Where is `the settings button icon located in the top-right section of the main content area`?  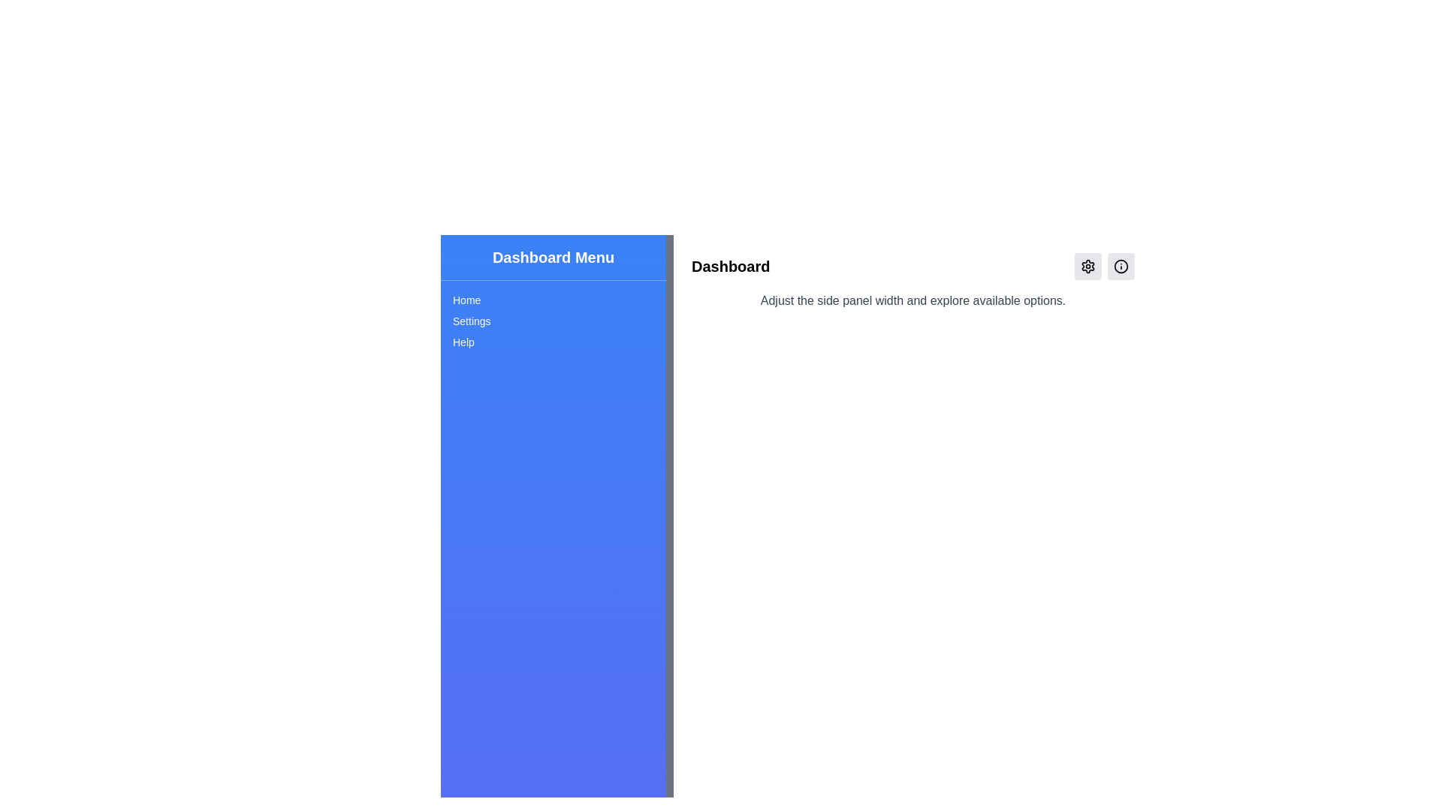
the settings button icon located in the top-right section of the main content area is located at coordinates (1088, 265).